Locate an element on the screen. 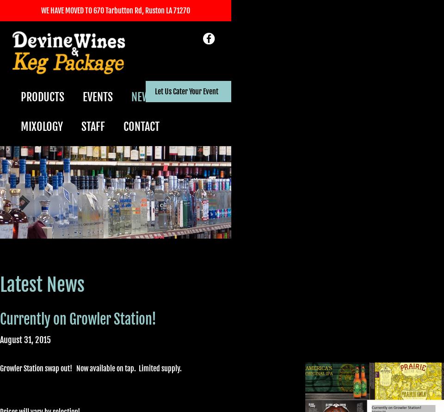 The width and height of the screenshot is (444, 412). 'EVENTS' is located at coordinates (98, 97).